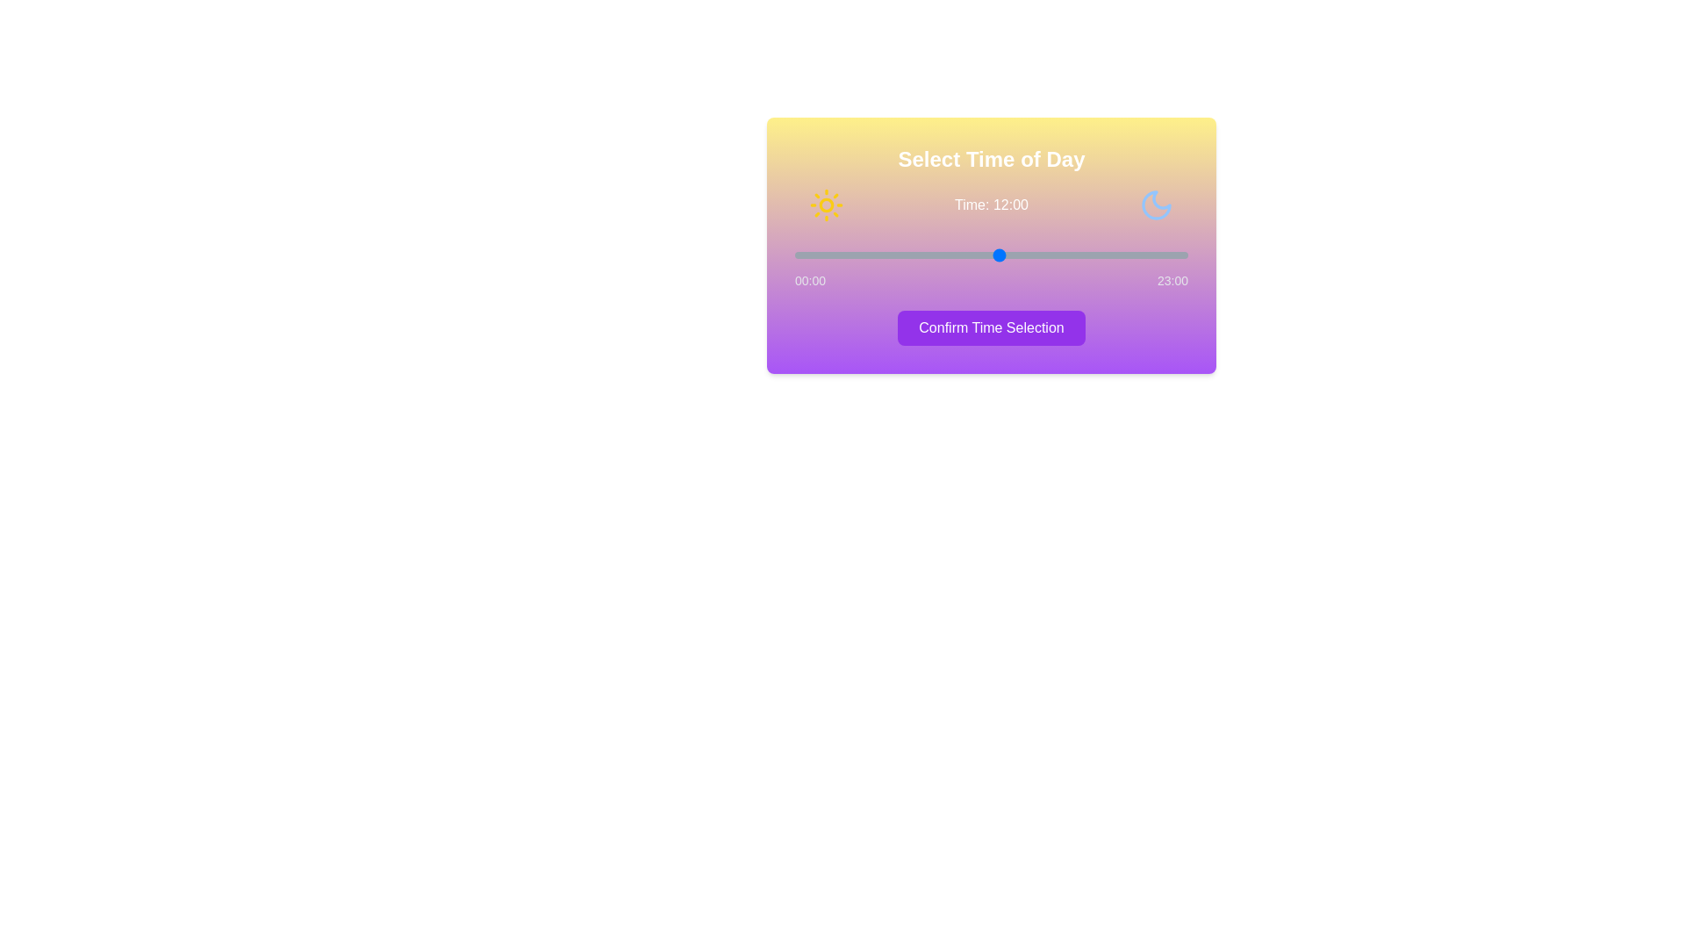 Image resolution: width=1685 pixels, height=948 pixels. I want to click on the time slider to set the time to 10, so click(964, 255).